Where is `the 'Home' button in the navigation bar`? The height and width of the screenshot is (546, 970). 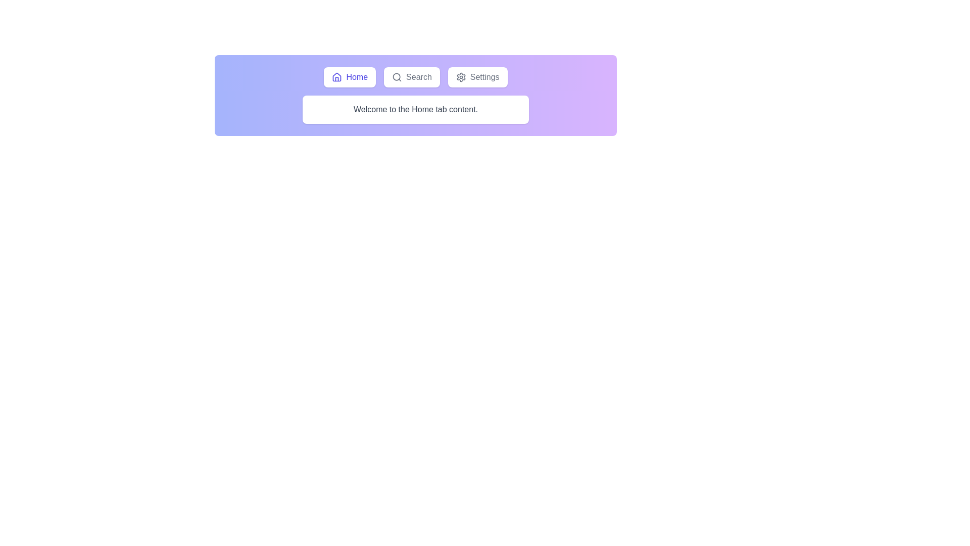
the 'Home' button in the navigation bar is located at coordinates (415, 77).